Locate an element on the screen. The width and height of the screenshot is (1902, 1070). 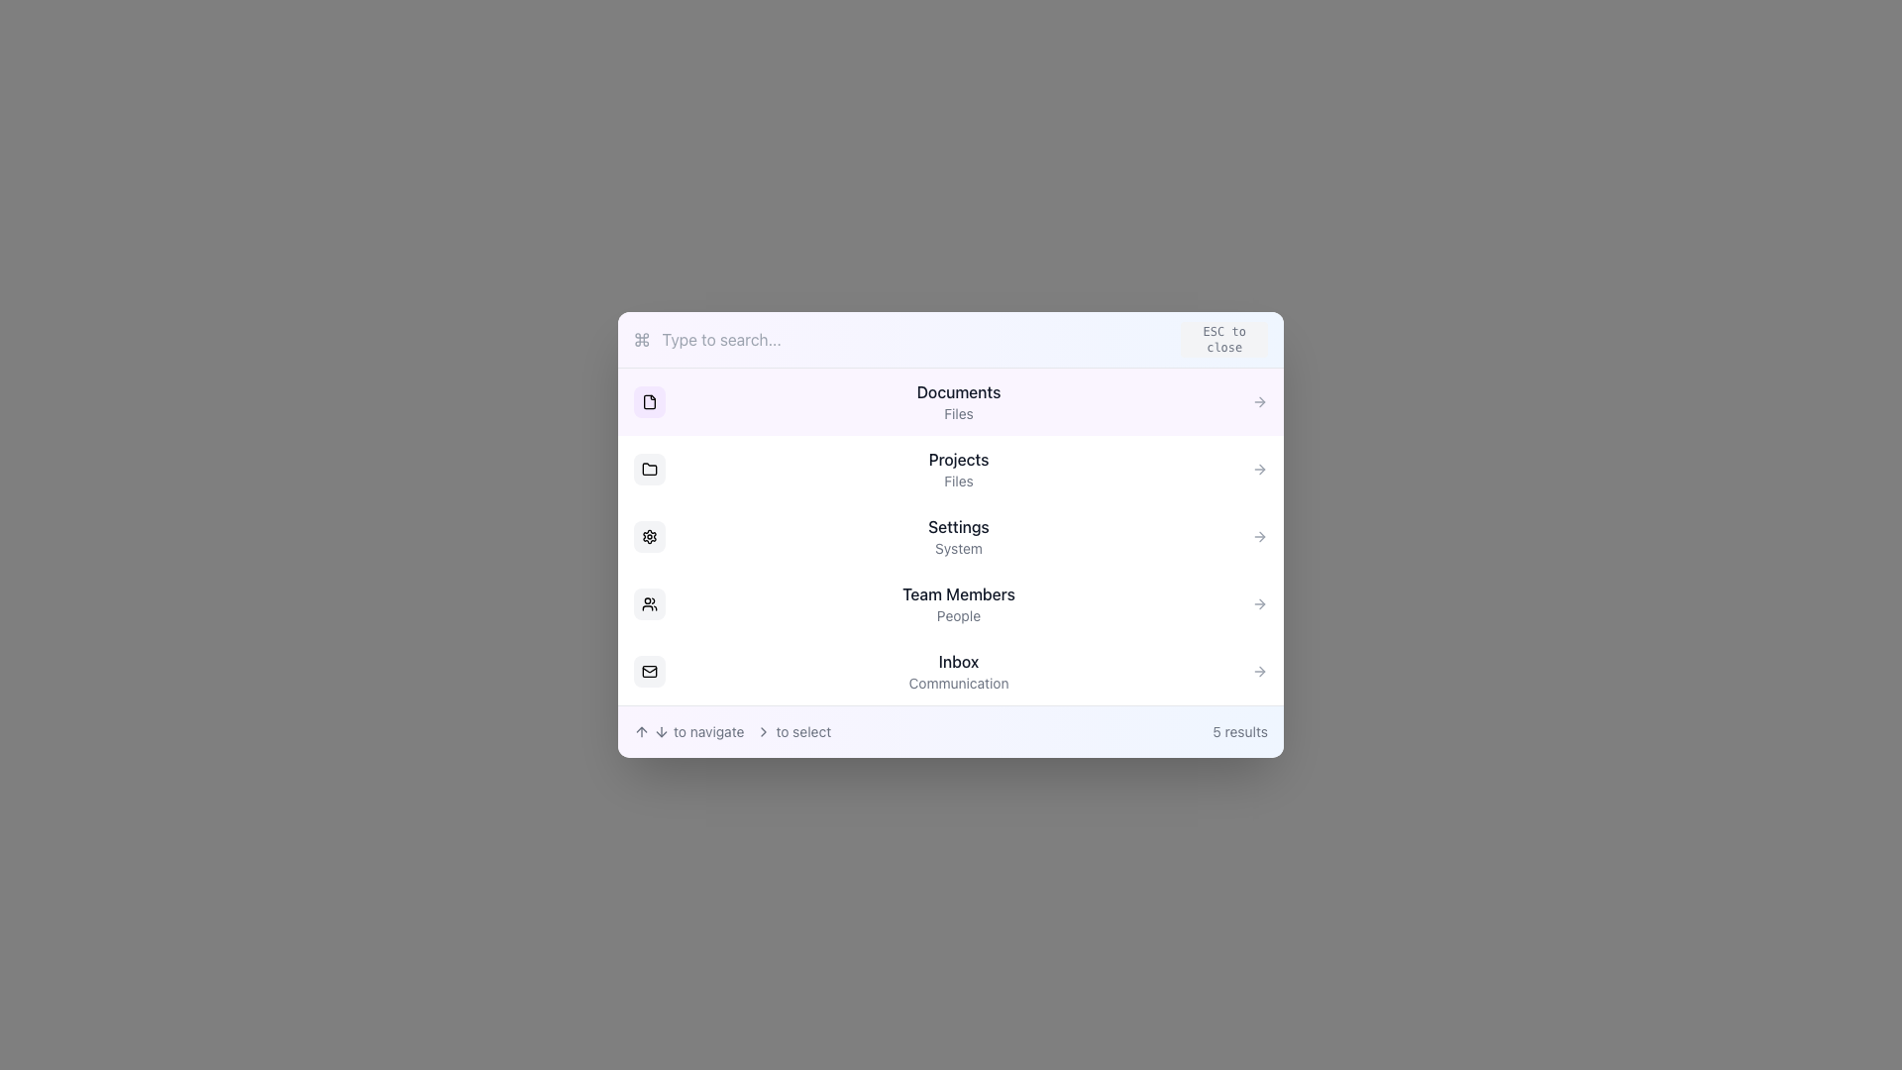
the right-facing arrow icon indicating navigation, located at the far right end of the 'Inbox' row with the subtext 'Communication' is located at coordinates (1259, 671).